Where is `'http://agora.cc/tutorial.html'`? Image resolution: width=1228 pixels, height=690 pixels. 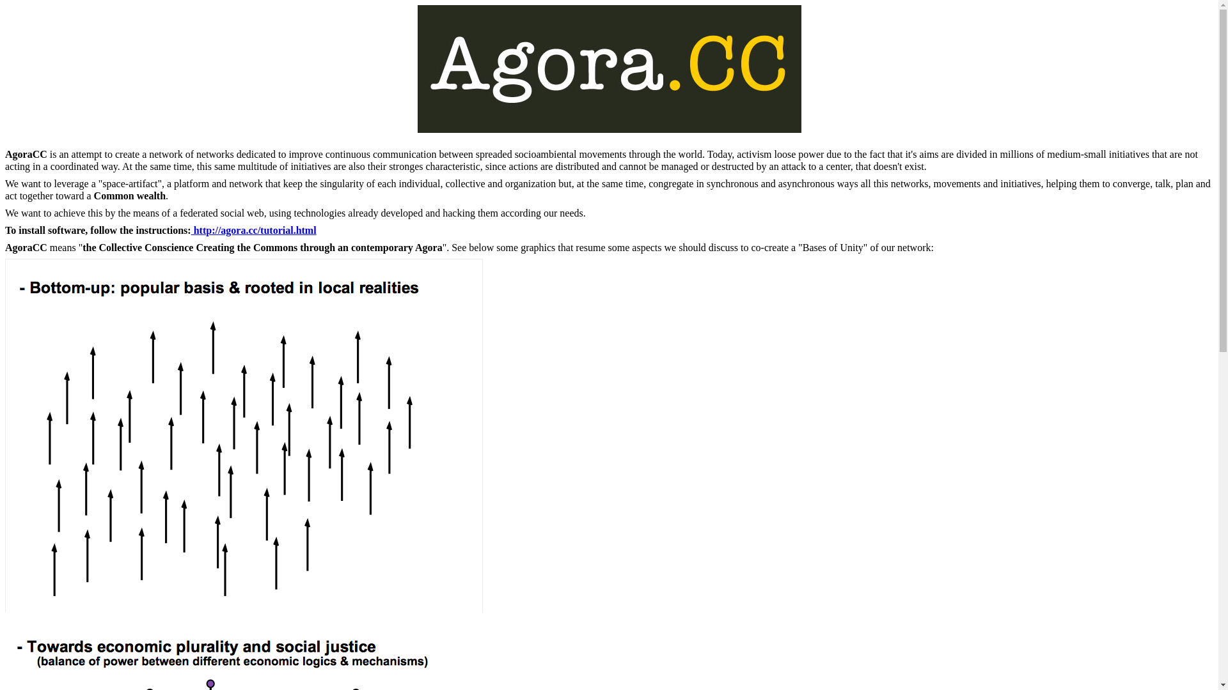
'http://agora.cc/tutorial.html' is located at coordinates (254, 230).